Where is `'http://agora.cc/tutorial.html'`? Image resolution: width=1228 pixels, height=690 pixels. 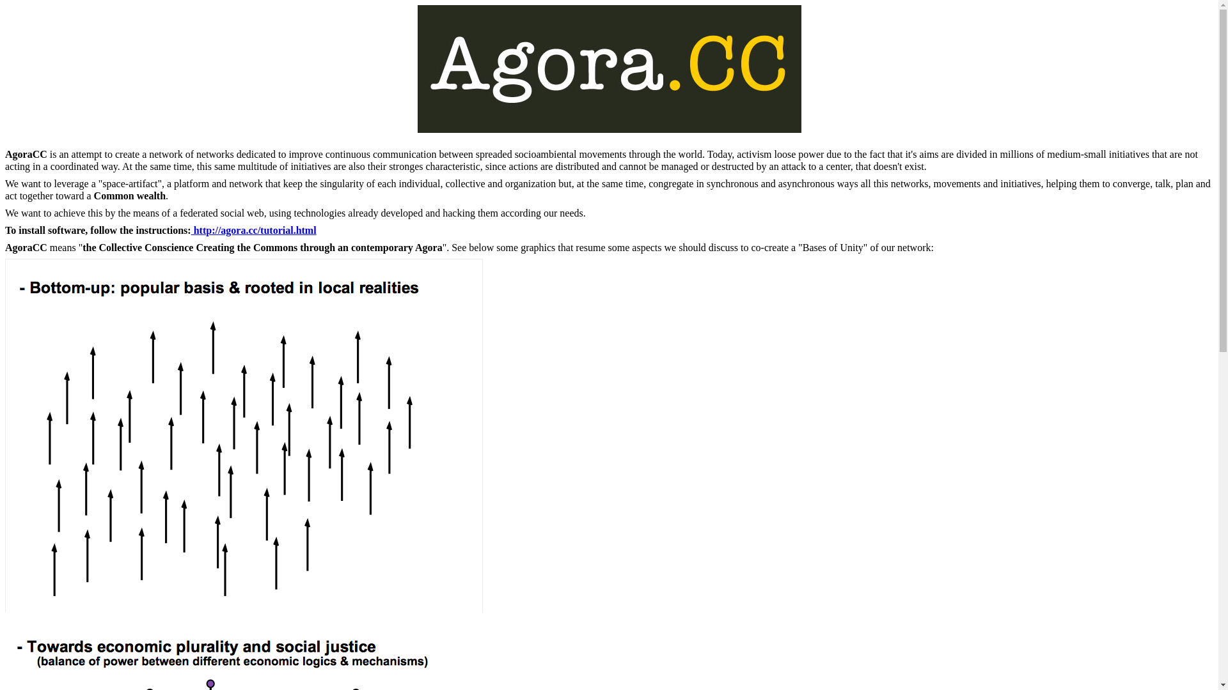
'http://agora.cc/tutorial.html' is located at coordinates (254, 230).